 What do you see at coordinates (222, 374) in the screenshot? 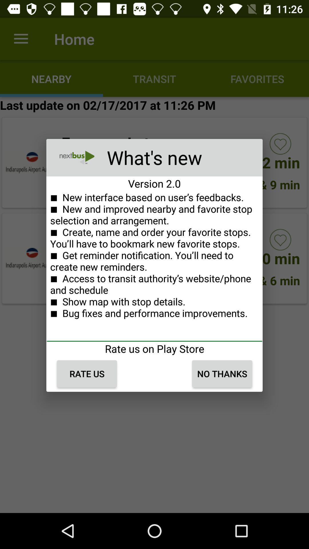
I see `icon below rate us on` at bounding box center [222, 374].